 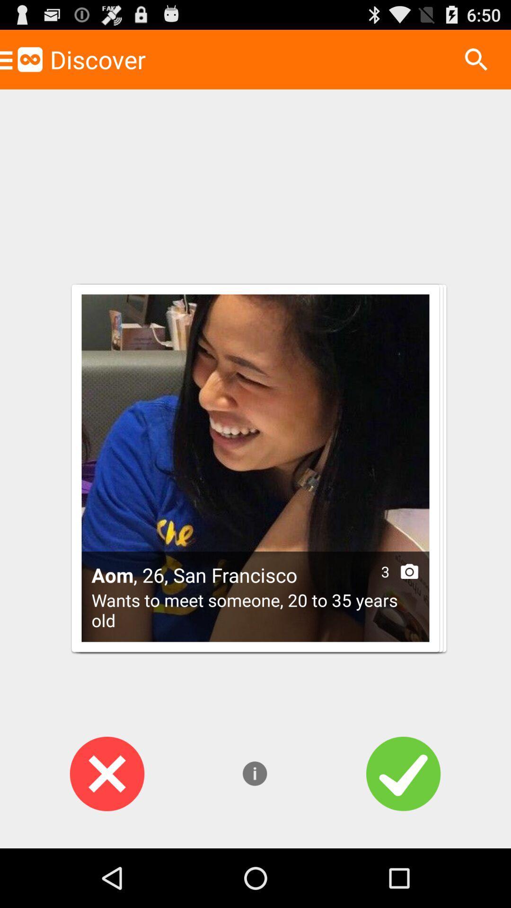 I want to click on the close icon, so click(x=106, y=828).